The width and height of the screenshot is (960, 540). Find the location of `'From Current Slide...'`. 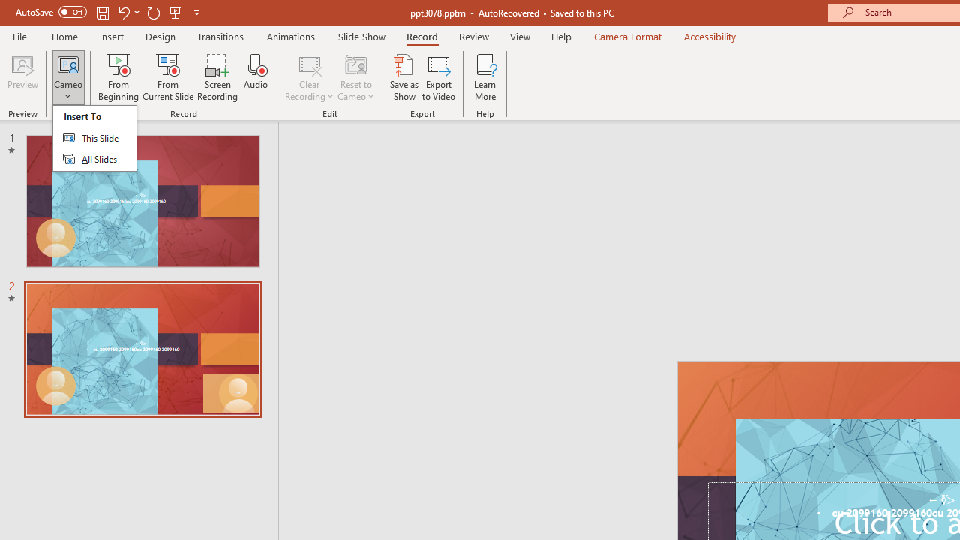

'From Current Slide...' is located at coordinates (168, 77).